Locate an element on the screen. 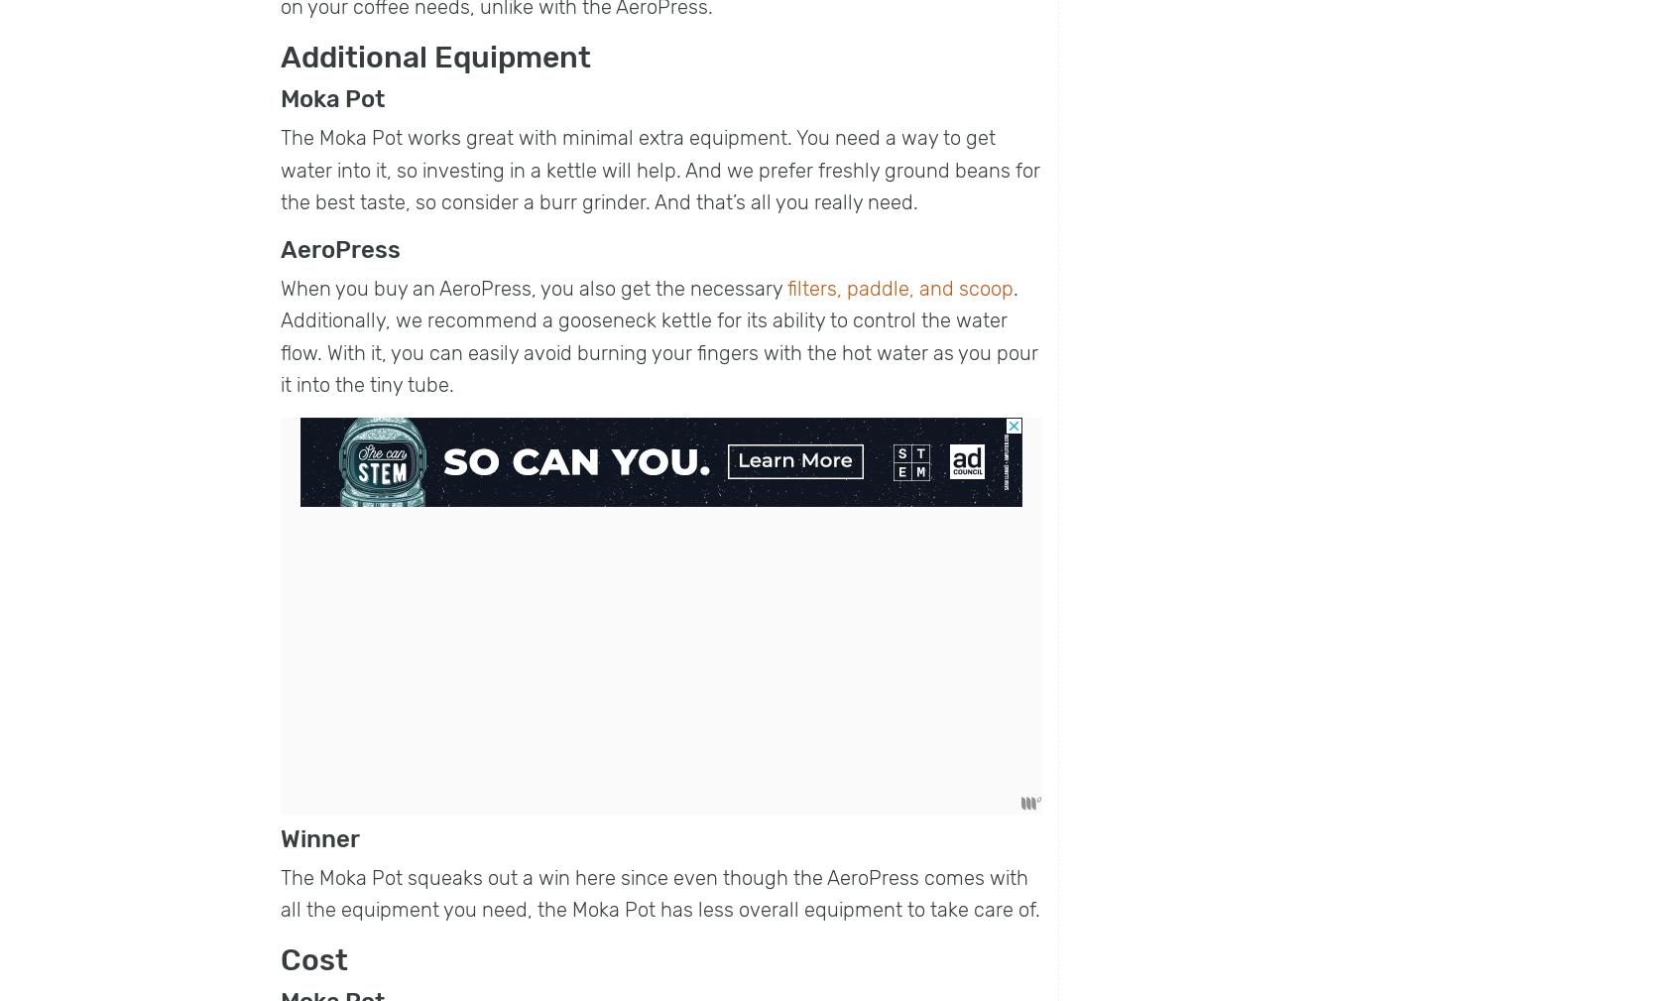  'AeroPress' is located at coordinates (339, 248).